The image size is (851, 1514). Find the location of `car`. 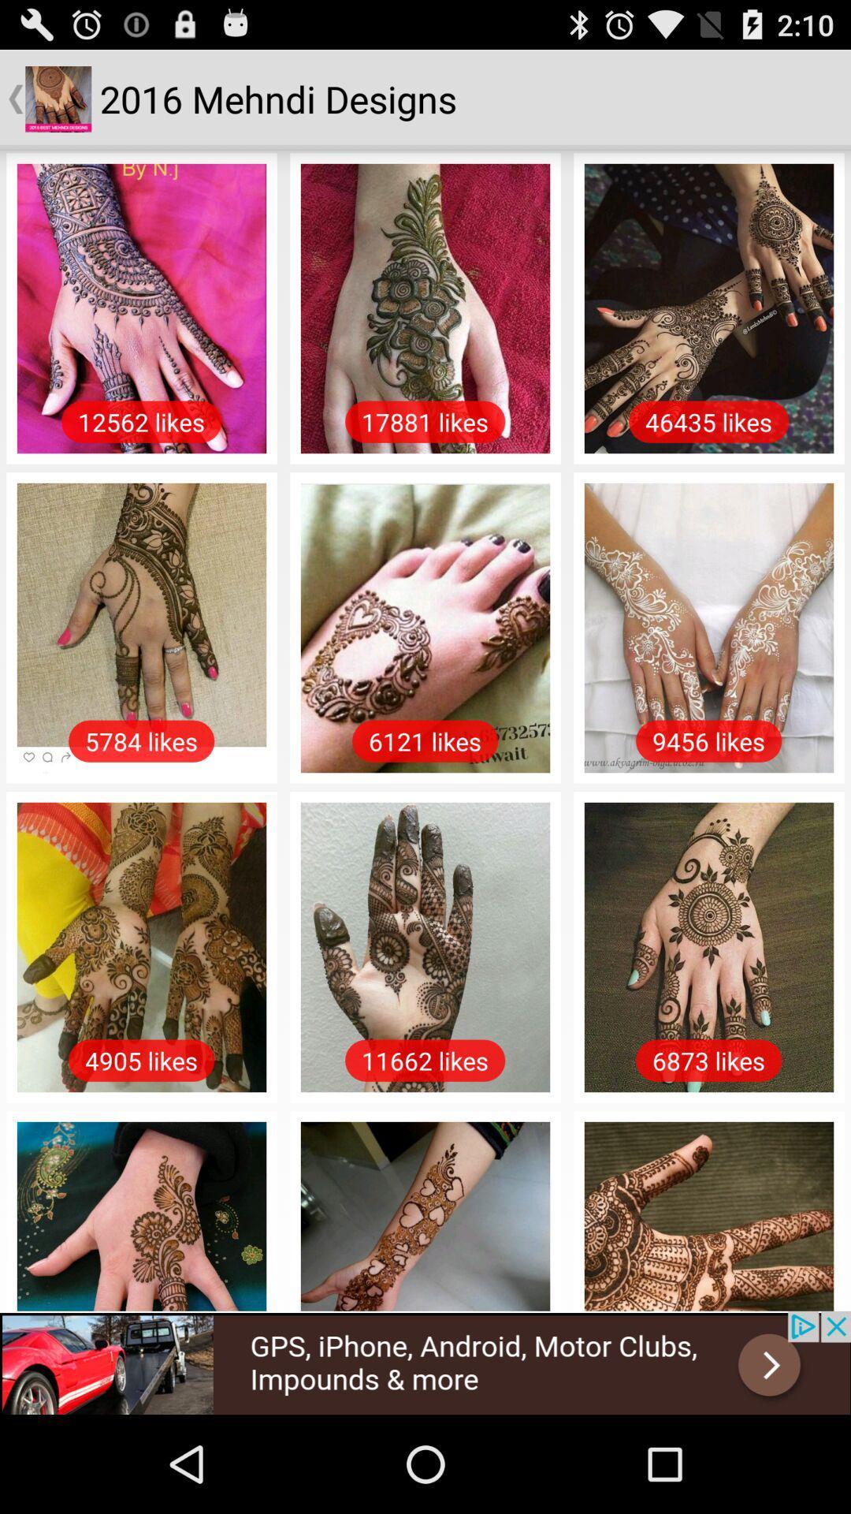

car is located at coordinates (425, 1362).